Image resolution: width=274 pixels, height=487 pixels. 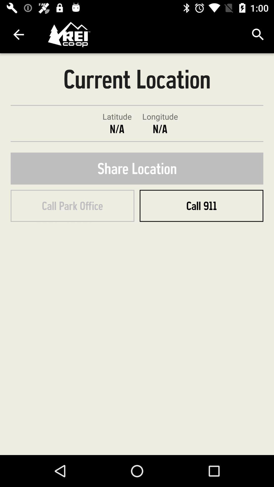 I want to click on the item above the current location item, so click(x=258, y=34).